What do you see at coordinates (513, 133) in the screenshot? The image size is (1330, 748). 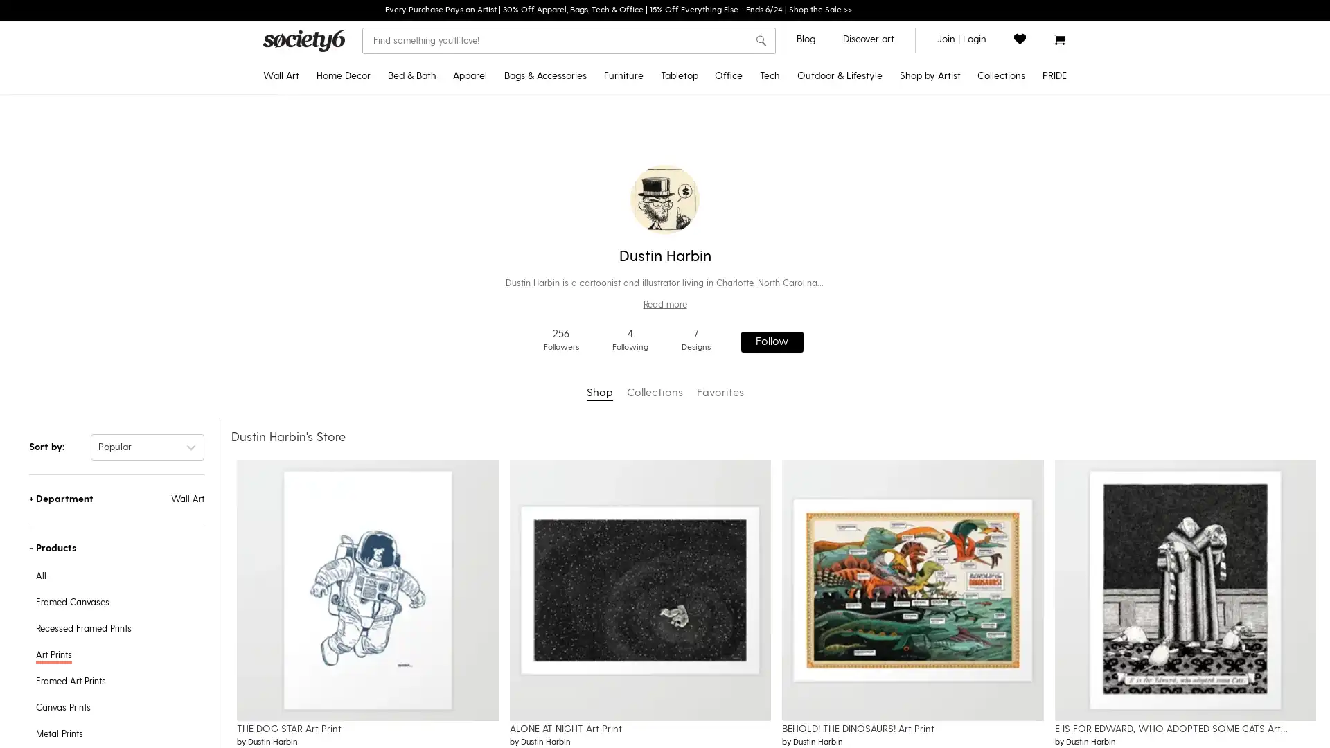 I see `Crewneck Sweatshirts` at bounding box center [513, 133].